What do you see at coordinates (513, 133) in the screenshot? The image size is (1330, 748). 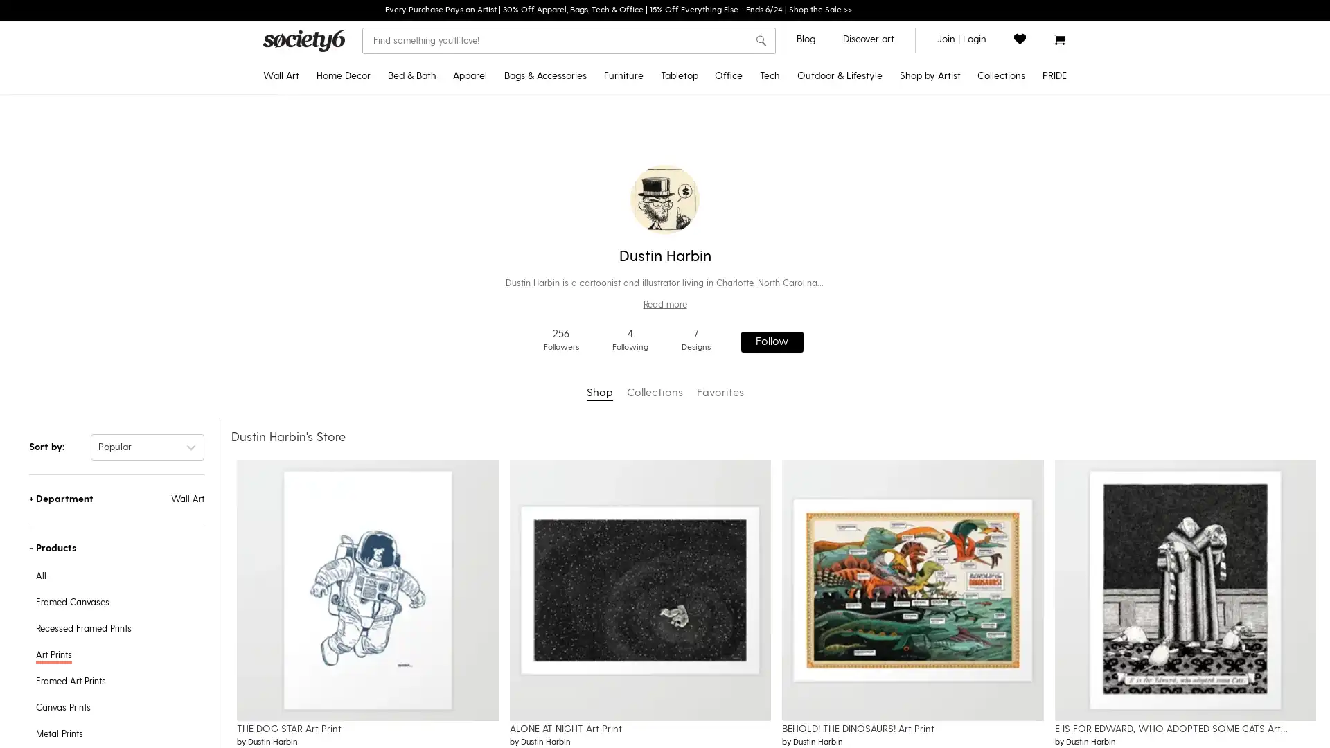 I see `Crewneck Sweatshirts` at bounding box center [513, 133].